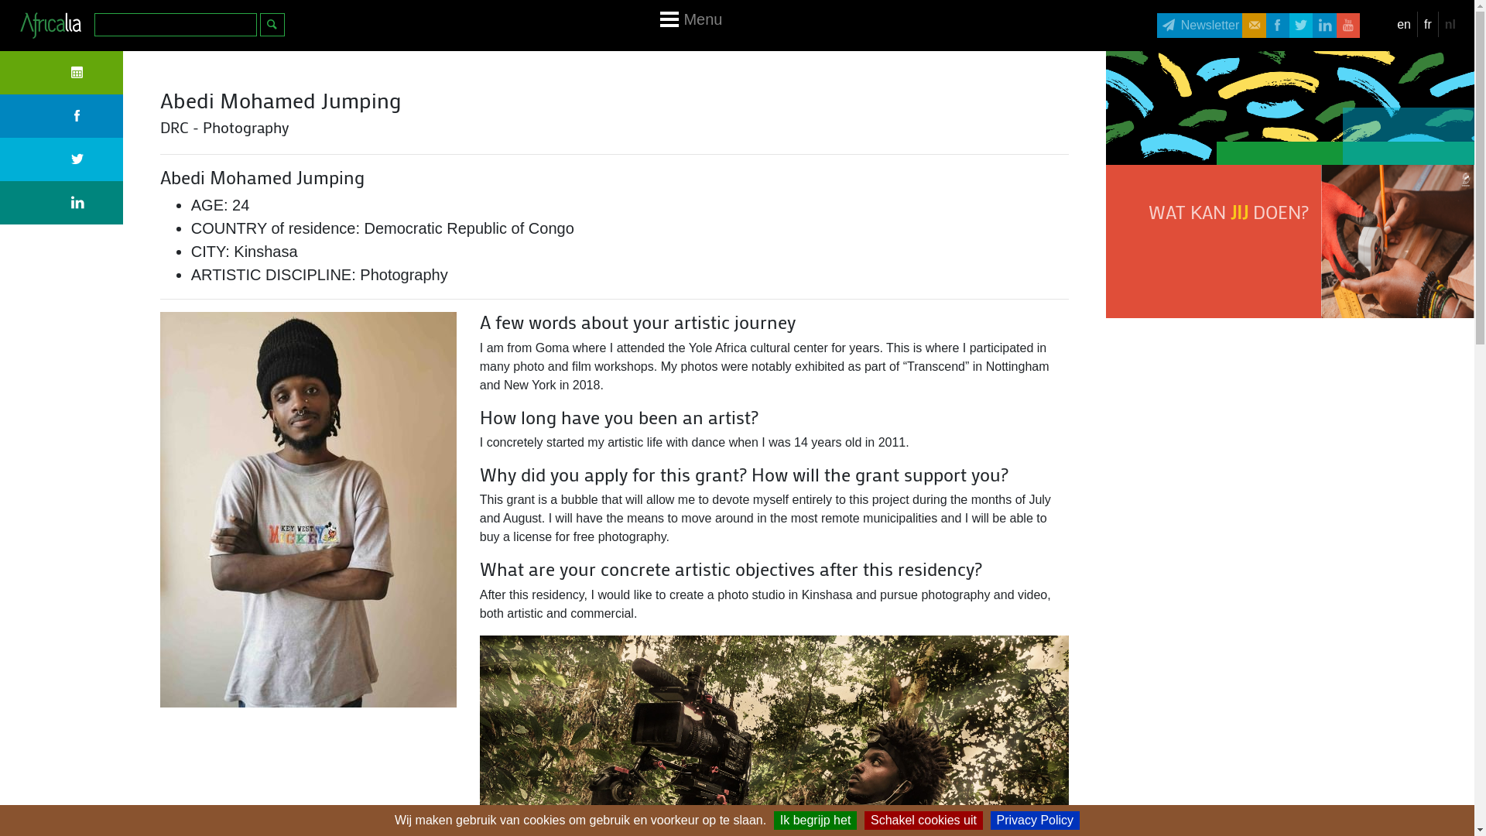  I want to click on 'en', so click(1404, 24).